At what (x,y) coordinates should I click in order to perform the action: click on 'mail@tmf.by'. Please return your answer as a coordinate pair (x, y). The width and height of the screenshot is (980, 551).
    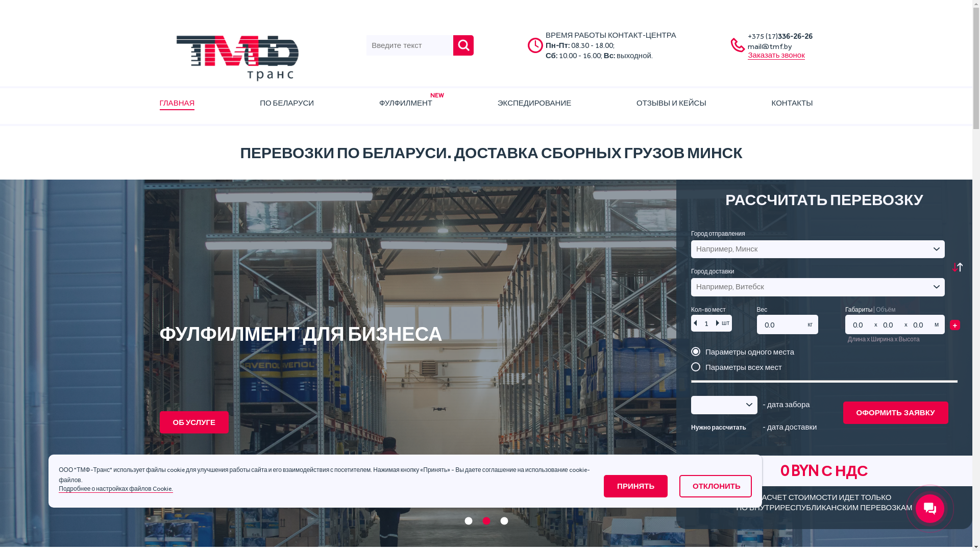
    Looking at the image, I should click on (747, 46).